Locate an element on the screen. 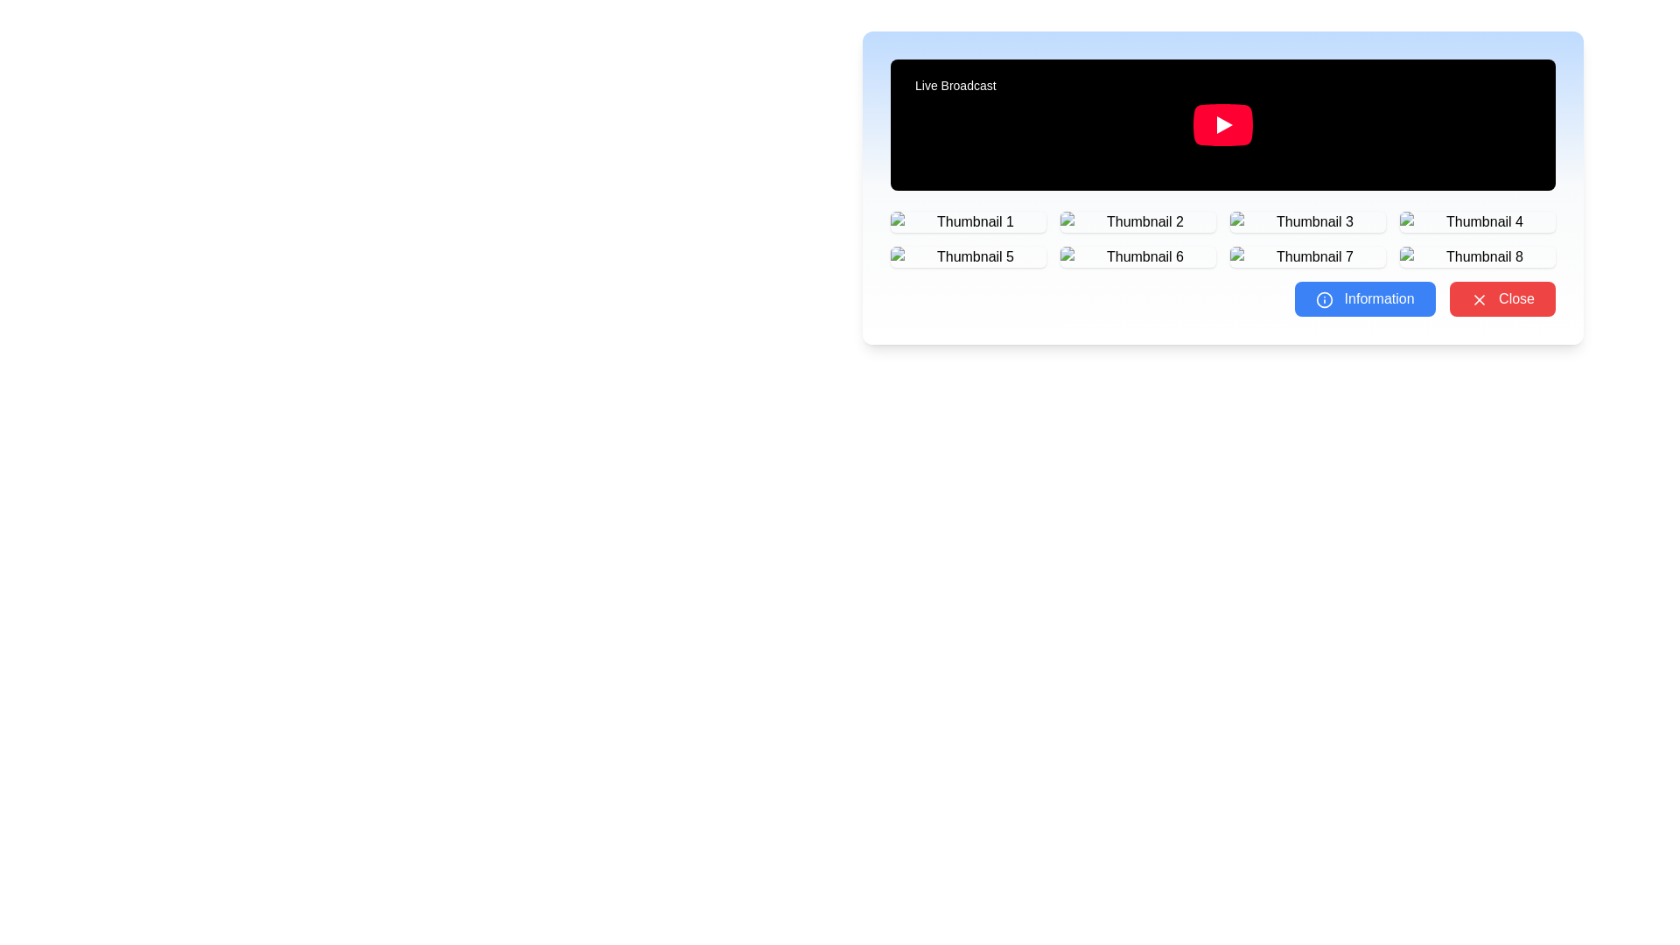 The image size is (1680, 945). the red 'Close' button with rounded corners and an 'X' icon to its left is located at coordinates (1501, 298).